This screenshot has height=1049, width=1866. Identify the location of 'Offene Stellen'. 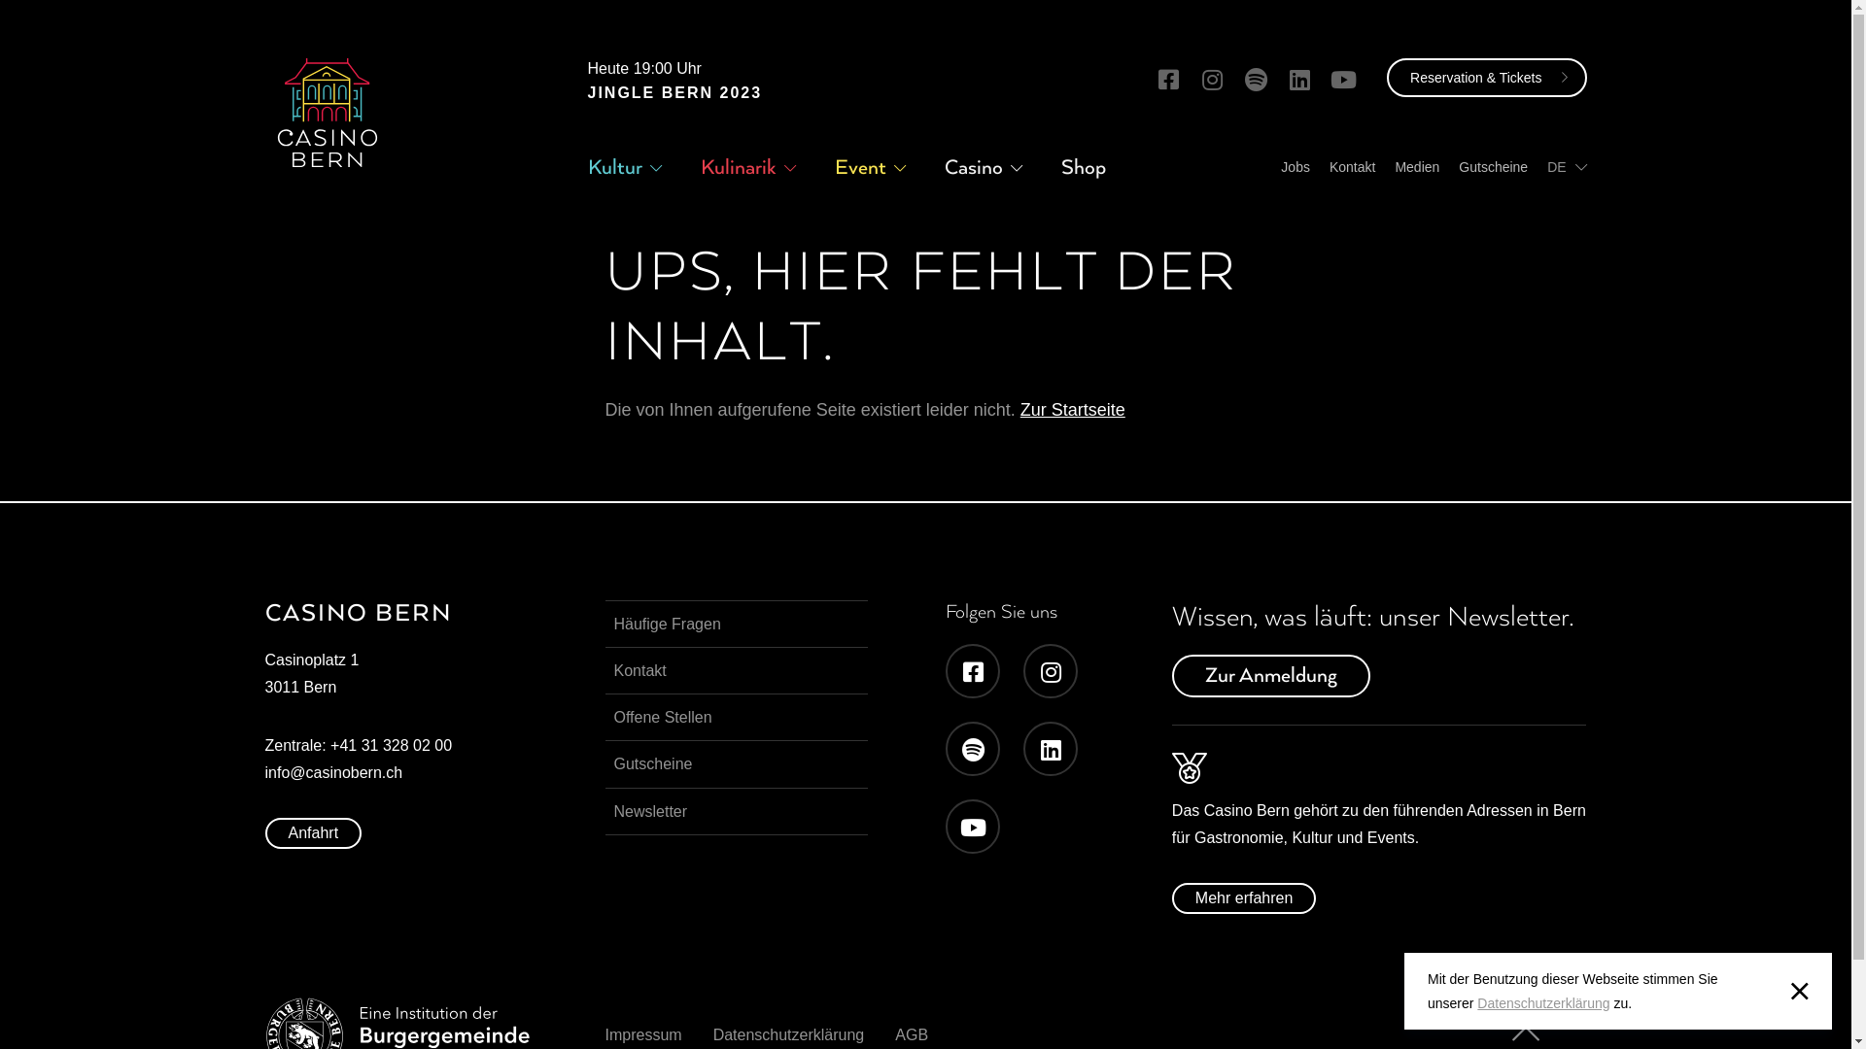
(735, 717).